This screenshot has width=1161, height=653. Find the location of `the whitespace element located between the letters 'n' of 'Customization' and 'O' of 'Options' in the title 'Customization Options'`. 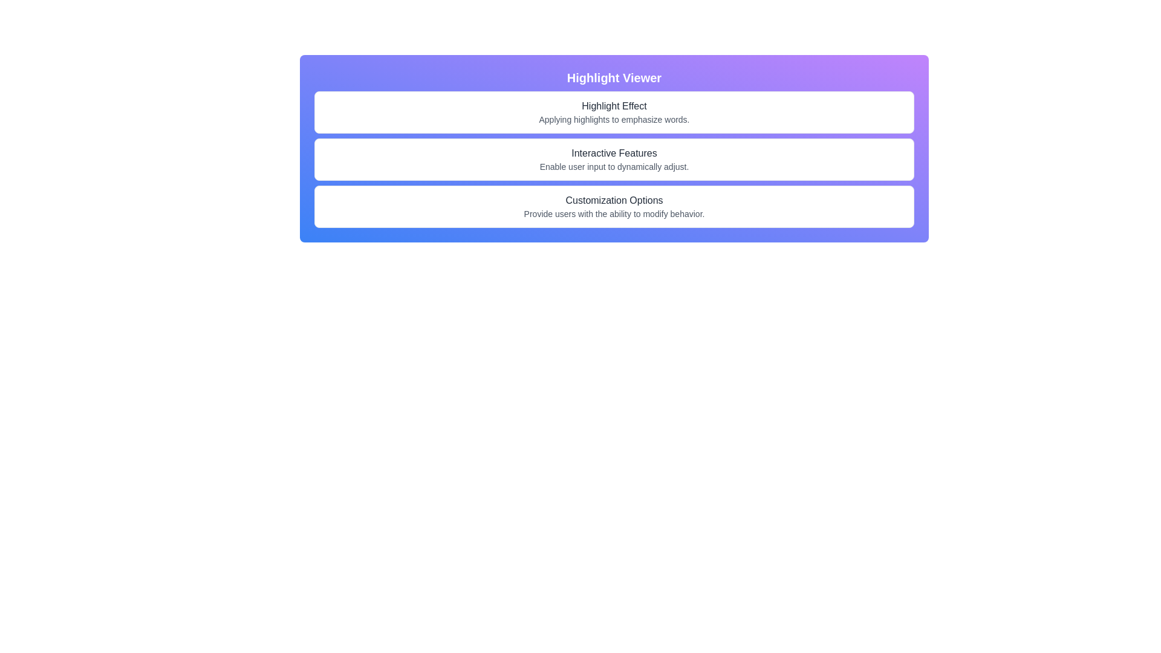

the whitespace element located between the letters 'n' of 'Customization' and 'O' of 'Options' in the title 'Customization Options' is located at coordinates (628, 200).